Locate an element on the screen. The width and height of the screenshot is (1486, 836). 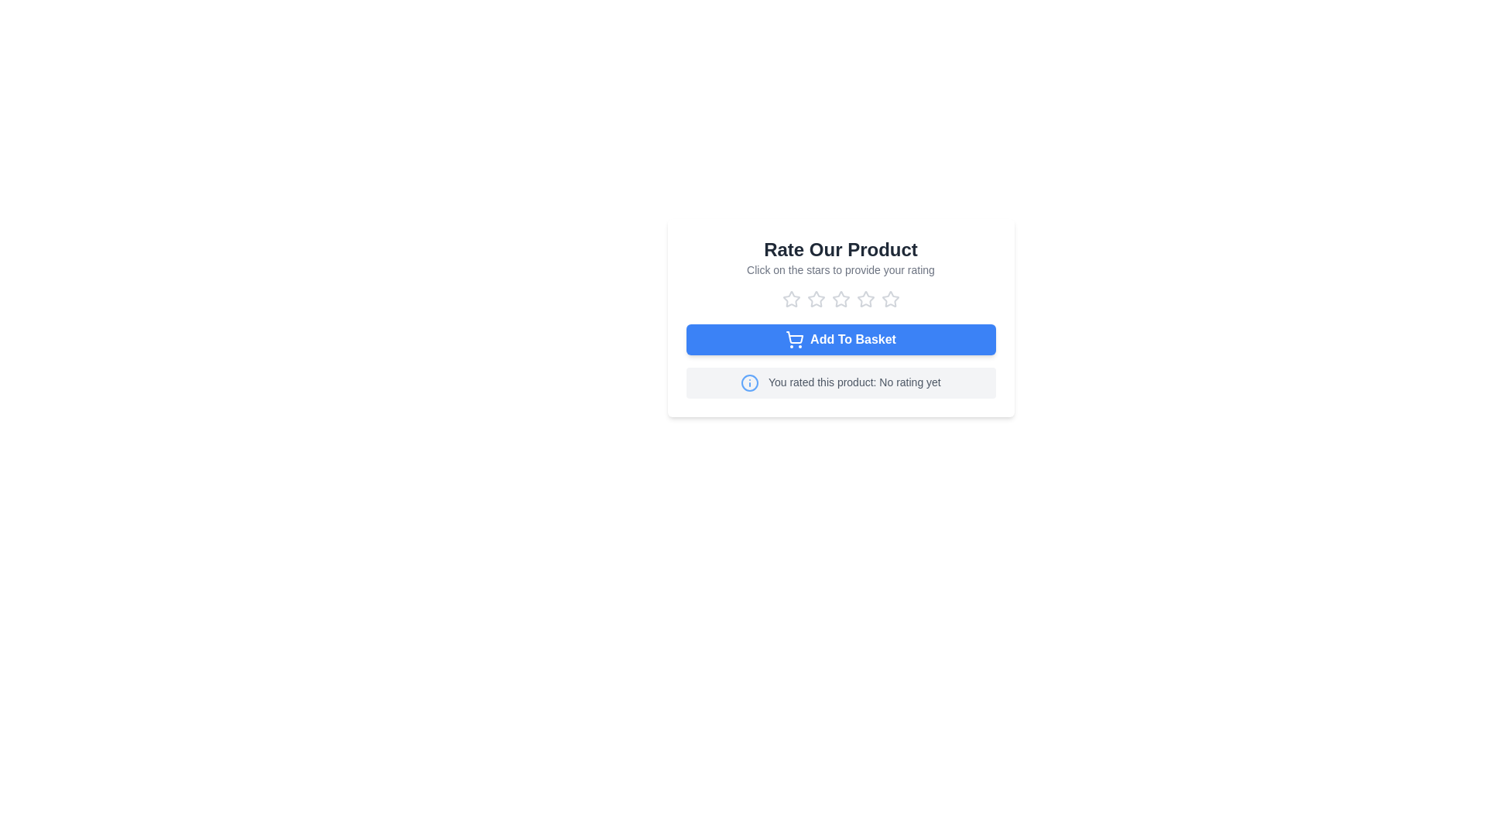
the third SVG star icon in the horizontal row of five star icons, styled in light gray, indicating an unselected state, located at the upper section of the card interface is located at coordinates (840, 299).